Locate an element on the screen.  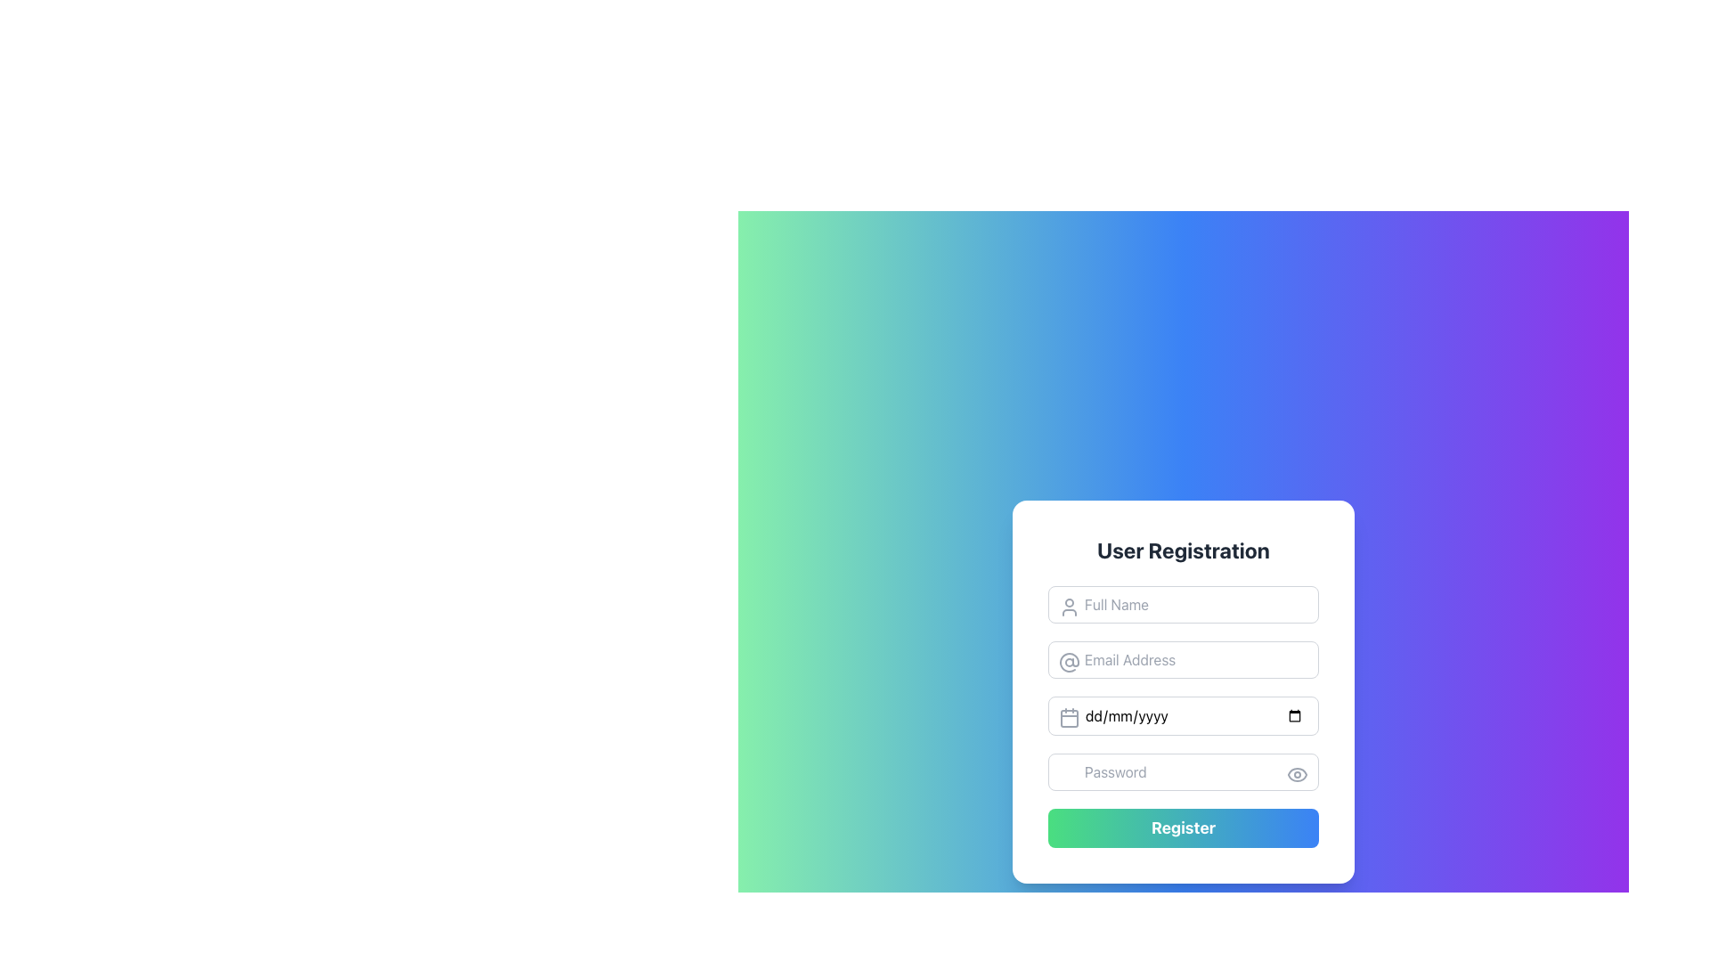
the button located on the right side of the password input field is located at coordinates (1298, 774).